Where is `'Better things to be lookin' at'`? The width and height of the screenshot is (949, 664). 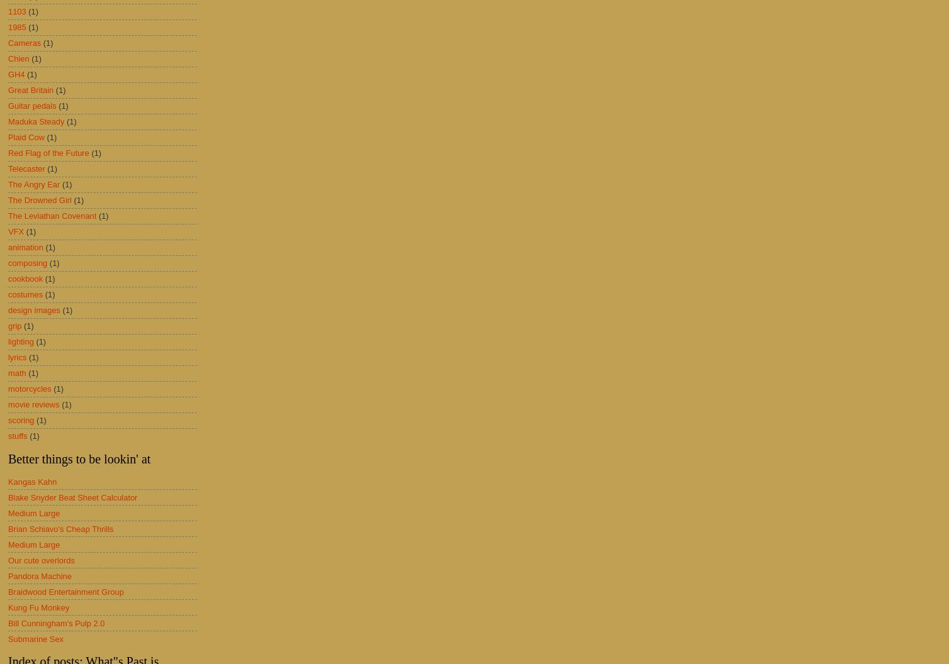 'Better things to be lookin' at' is located at coordinates (8, 457).